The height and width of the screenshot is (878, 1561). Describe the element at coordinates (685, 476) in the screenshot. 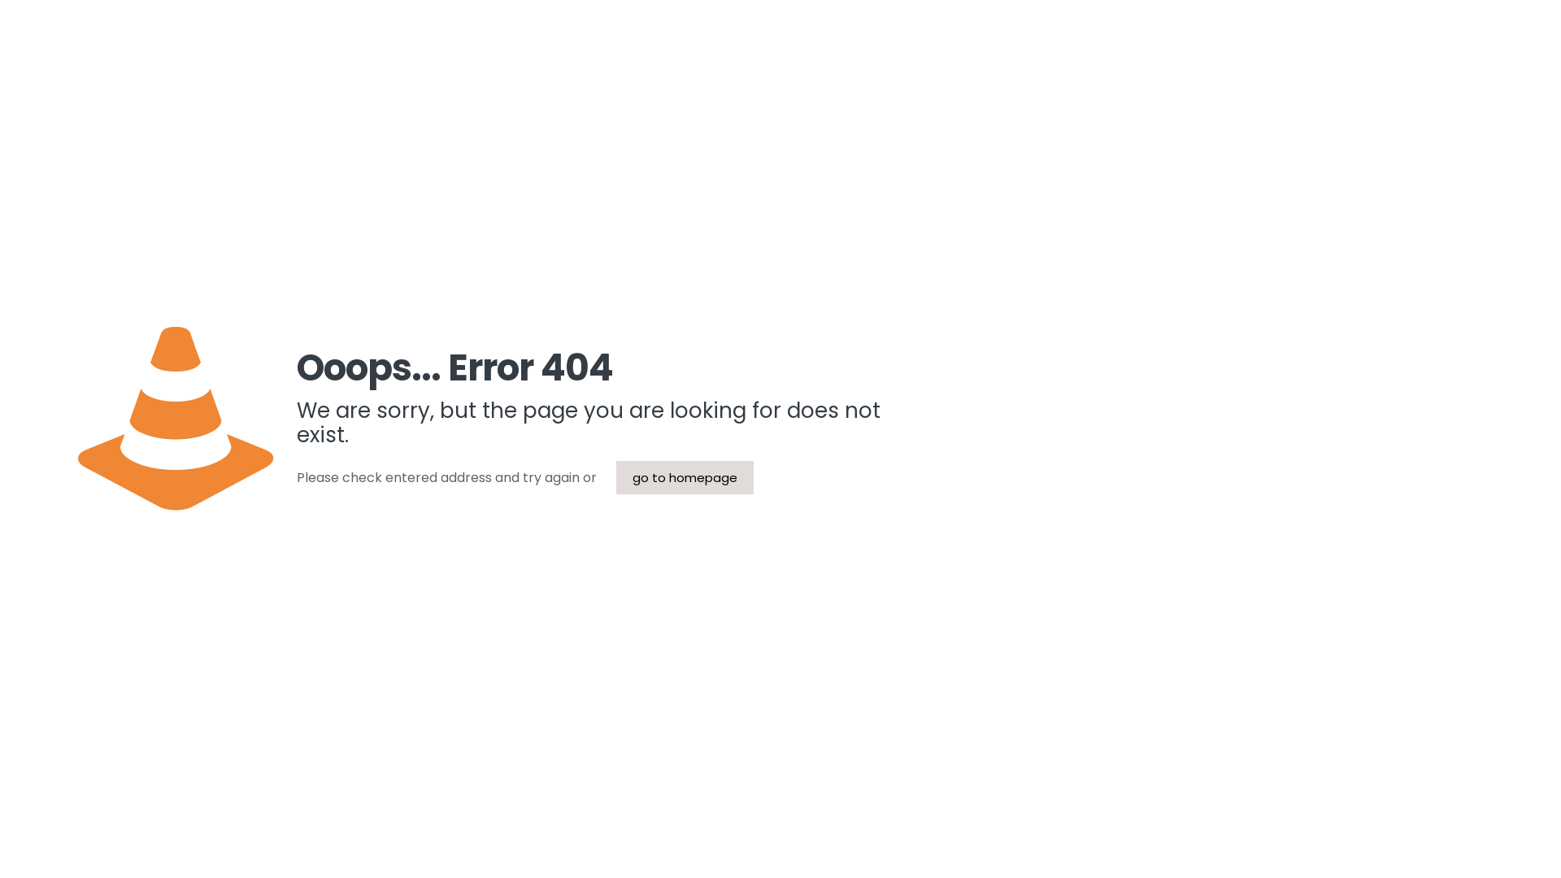

I see `'go to homepage'` at that location.